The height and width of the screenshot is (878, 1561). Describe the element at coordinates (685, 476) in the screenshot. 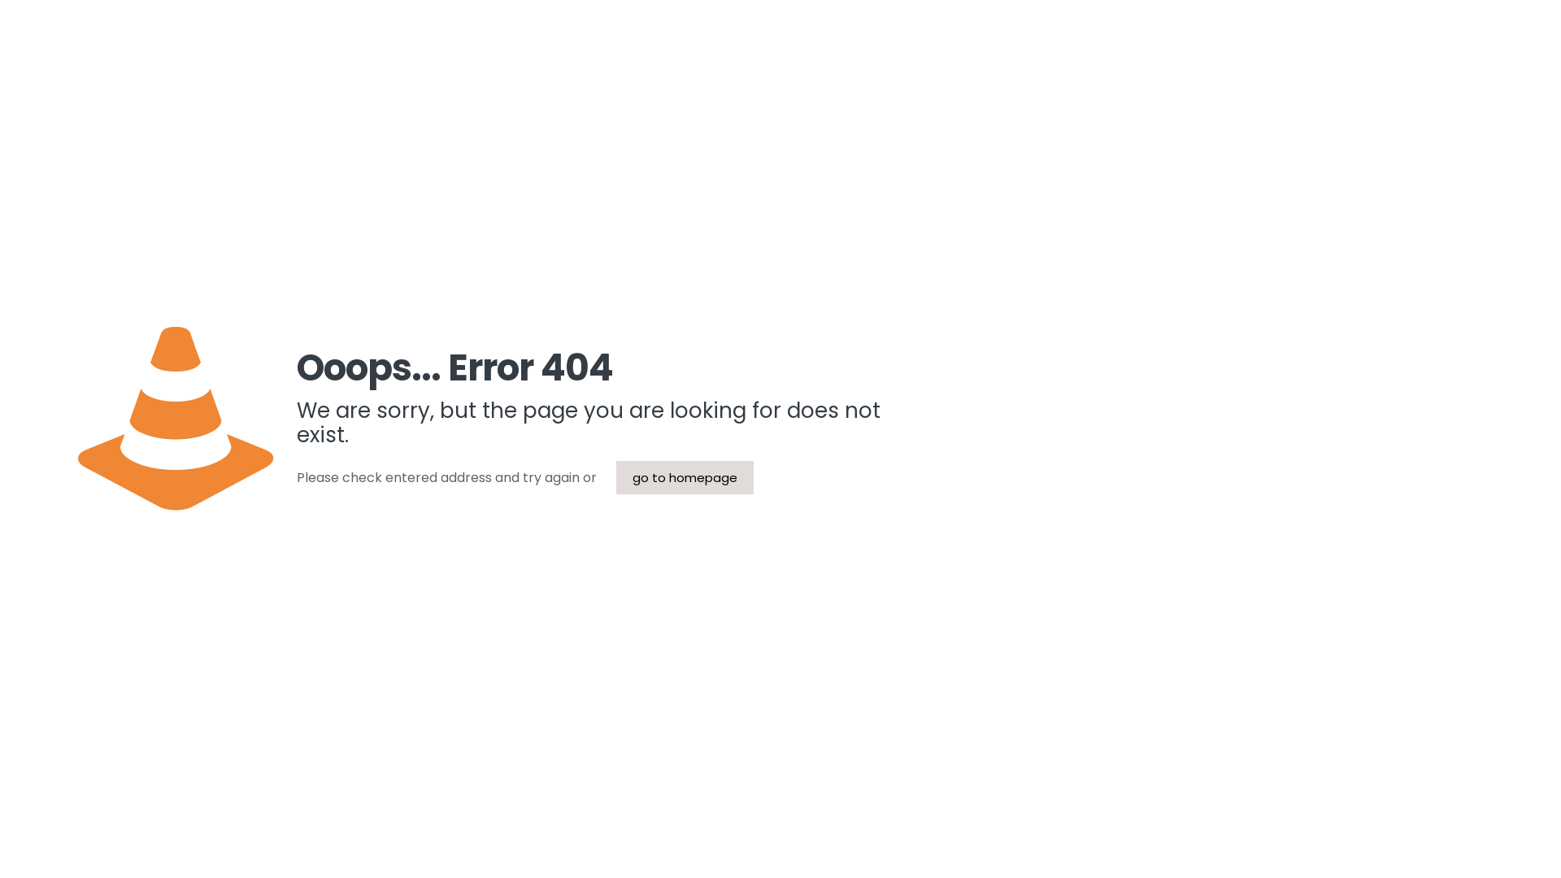

I see `'go to homepage'` at that location.